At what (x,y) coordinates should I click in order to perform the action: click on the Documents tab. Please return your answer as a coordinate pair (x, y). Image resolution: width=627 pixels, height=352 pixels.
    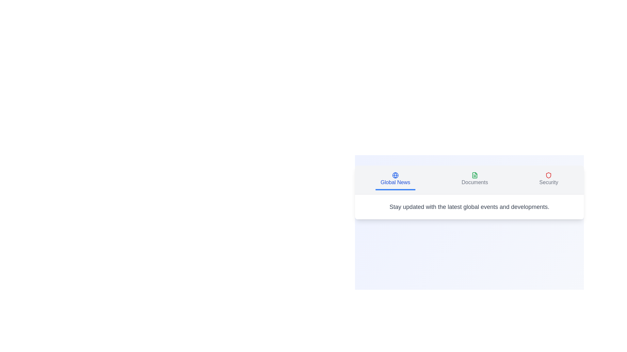
    Looking at the image, I should click on (475, 180).